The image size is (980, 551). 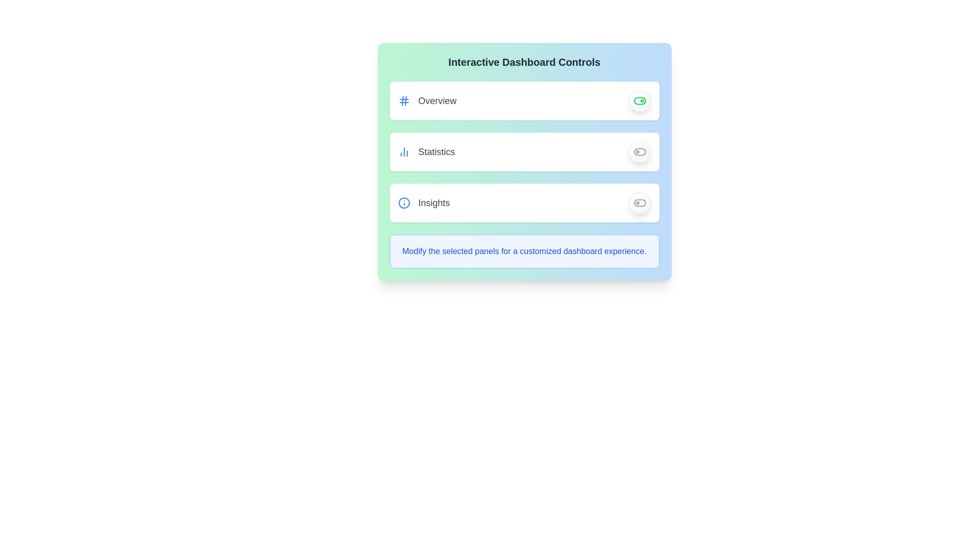 What do you see at coordinates (639, 152) in the screenshot?
I see `the toggle switch for 'Statistics'` at bounding box center [639, 152].